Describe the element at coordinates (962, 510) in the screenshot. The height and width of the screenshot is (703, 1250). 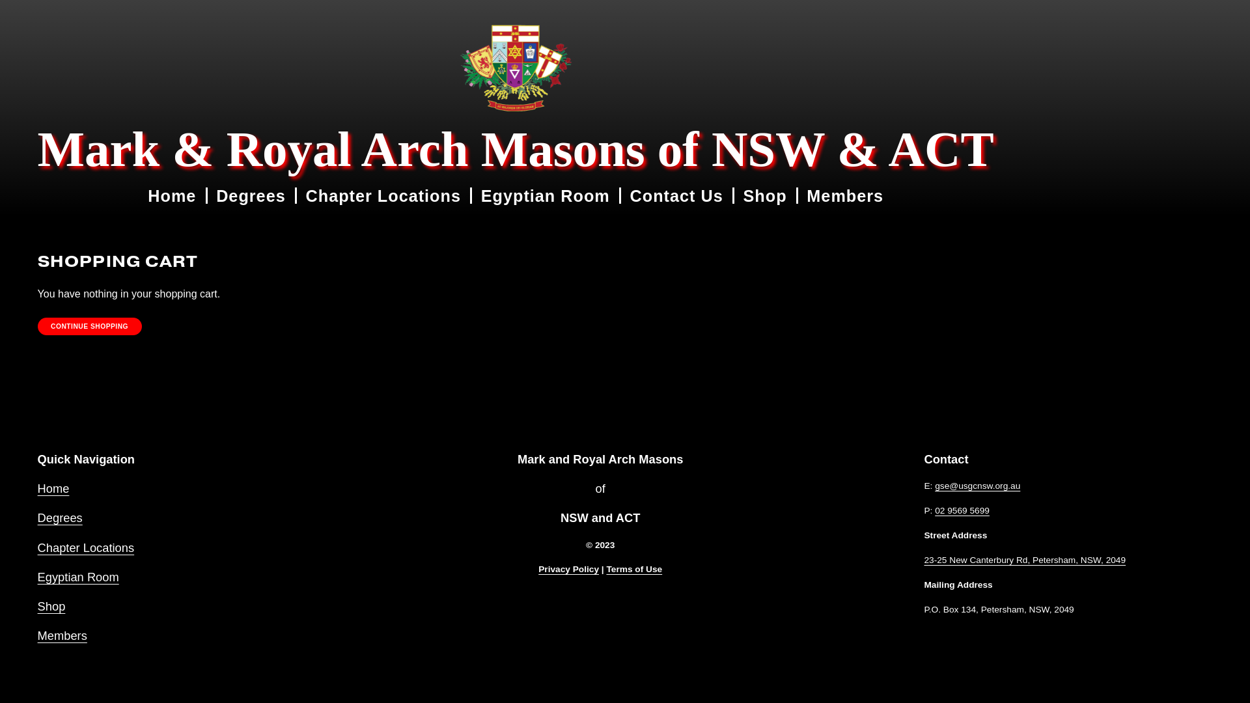
I see `'02 9569 5699'` at that location.